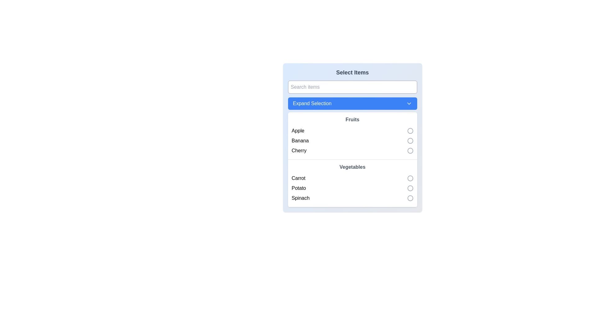  What do you see at coordinates (410, 141) in the screenshot?
I see `the second radio button for 'Banana' in the 'Fruits' section` at bounding box center [410, 141].